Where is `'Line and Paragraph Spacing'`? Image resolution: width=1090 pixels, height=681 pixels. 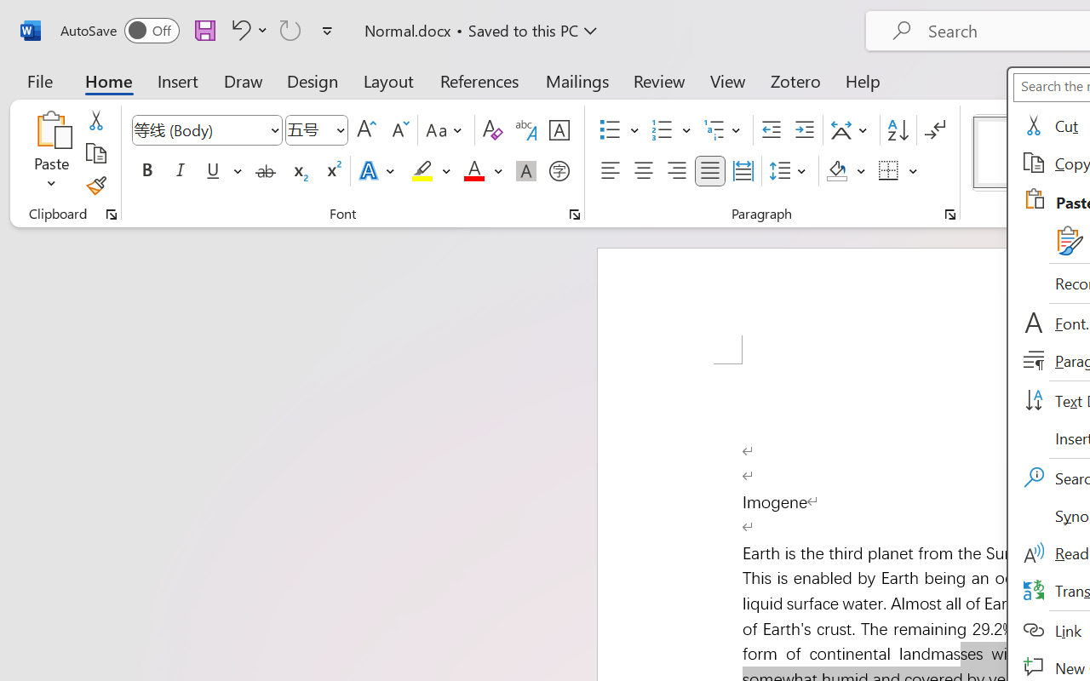 'Line and Paragraph Spacing' is located at coordinates (789, 171).